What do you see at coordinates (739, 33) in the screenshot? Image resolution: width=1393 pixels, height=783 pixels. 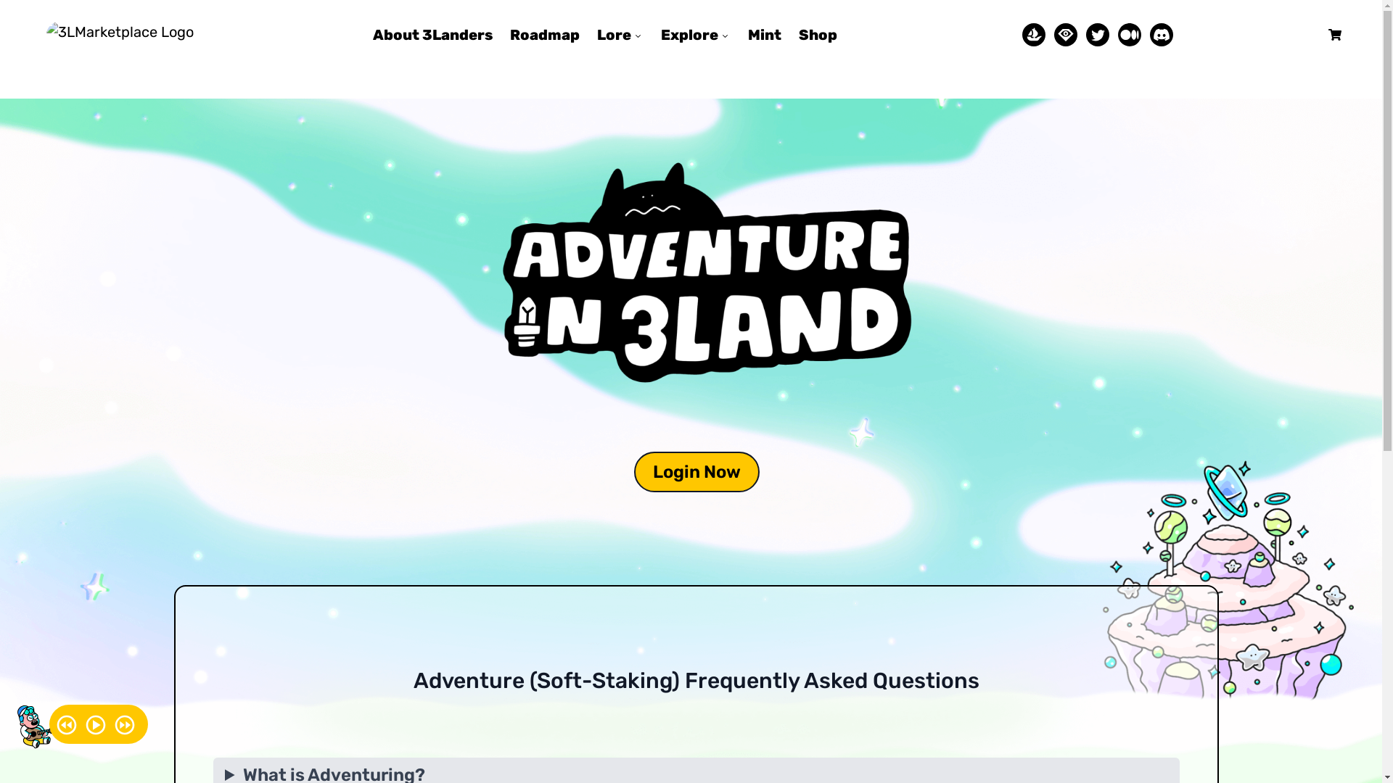 I see `'Mint'` at bounding box center [739, 33].